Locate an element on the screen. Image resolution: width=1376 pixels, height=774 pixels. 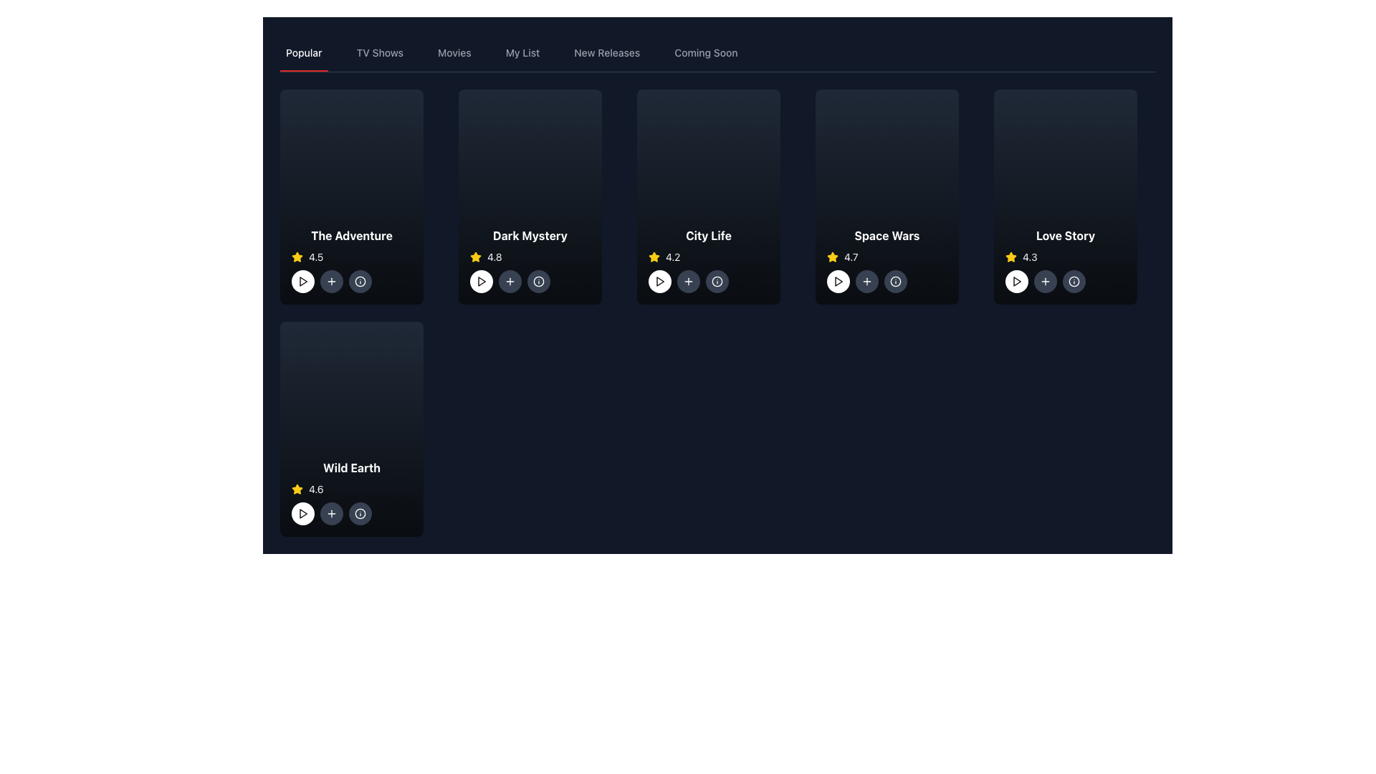
the Text Label that serves as the title for the movie 'Love Story', located in the bottom section of the card layout, directly above the rating and action buttons is located at coordinates (1066, 234).